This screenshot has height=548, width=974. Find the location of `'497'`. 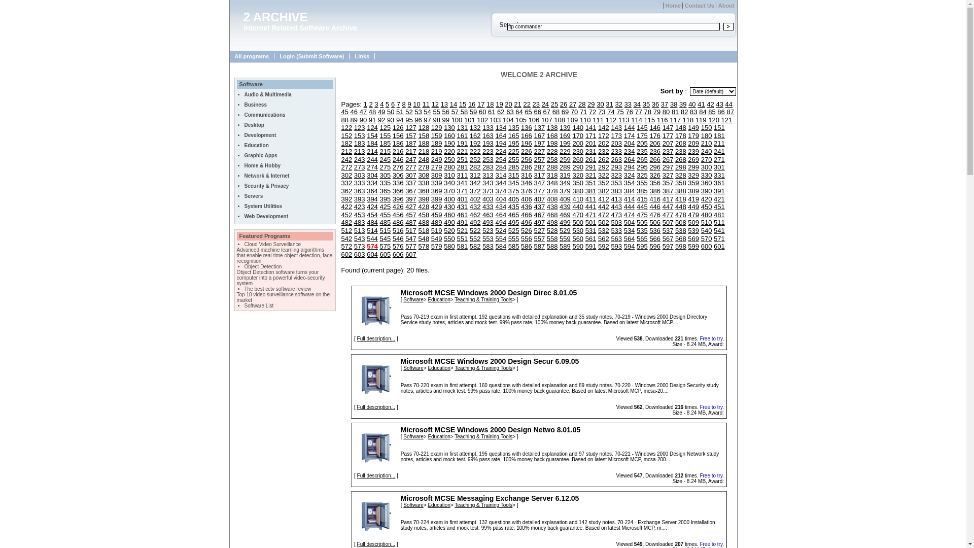

'497' is located at coordinates (533, 222).